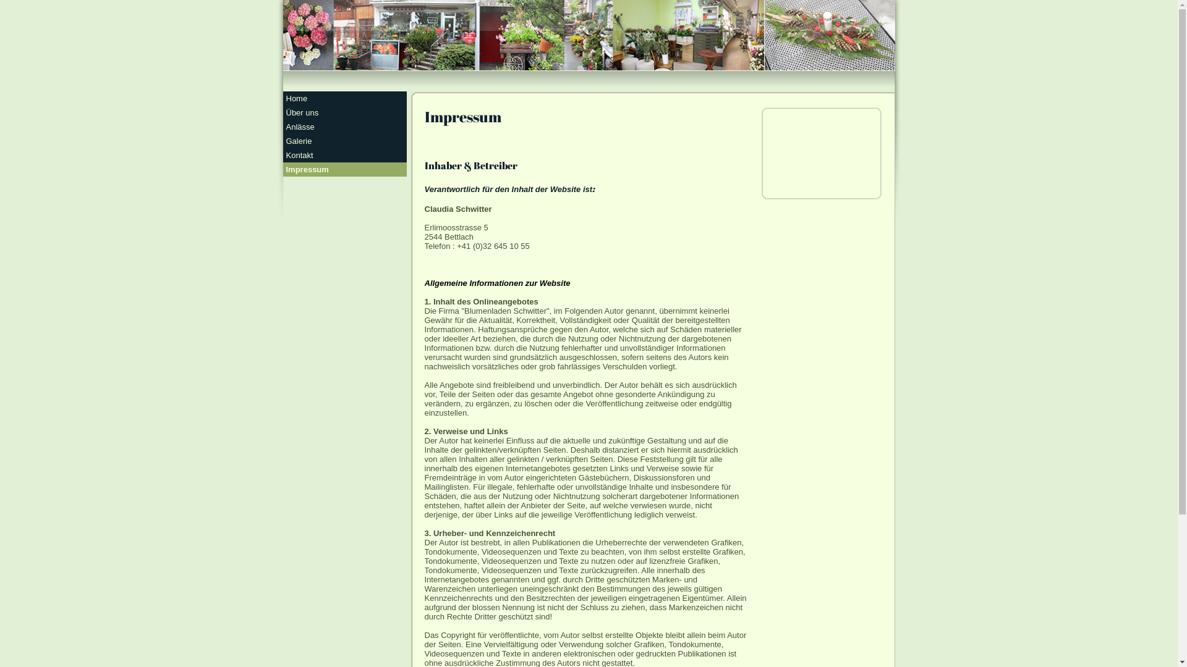  What do you see at coordinates (344, 98) in the screenshot?
I see `'Home'` at bounding box center [344, 98].